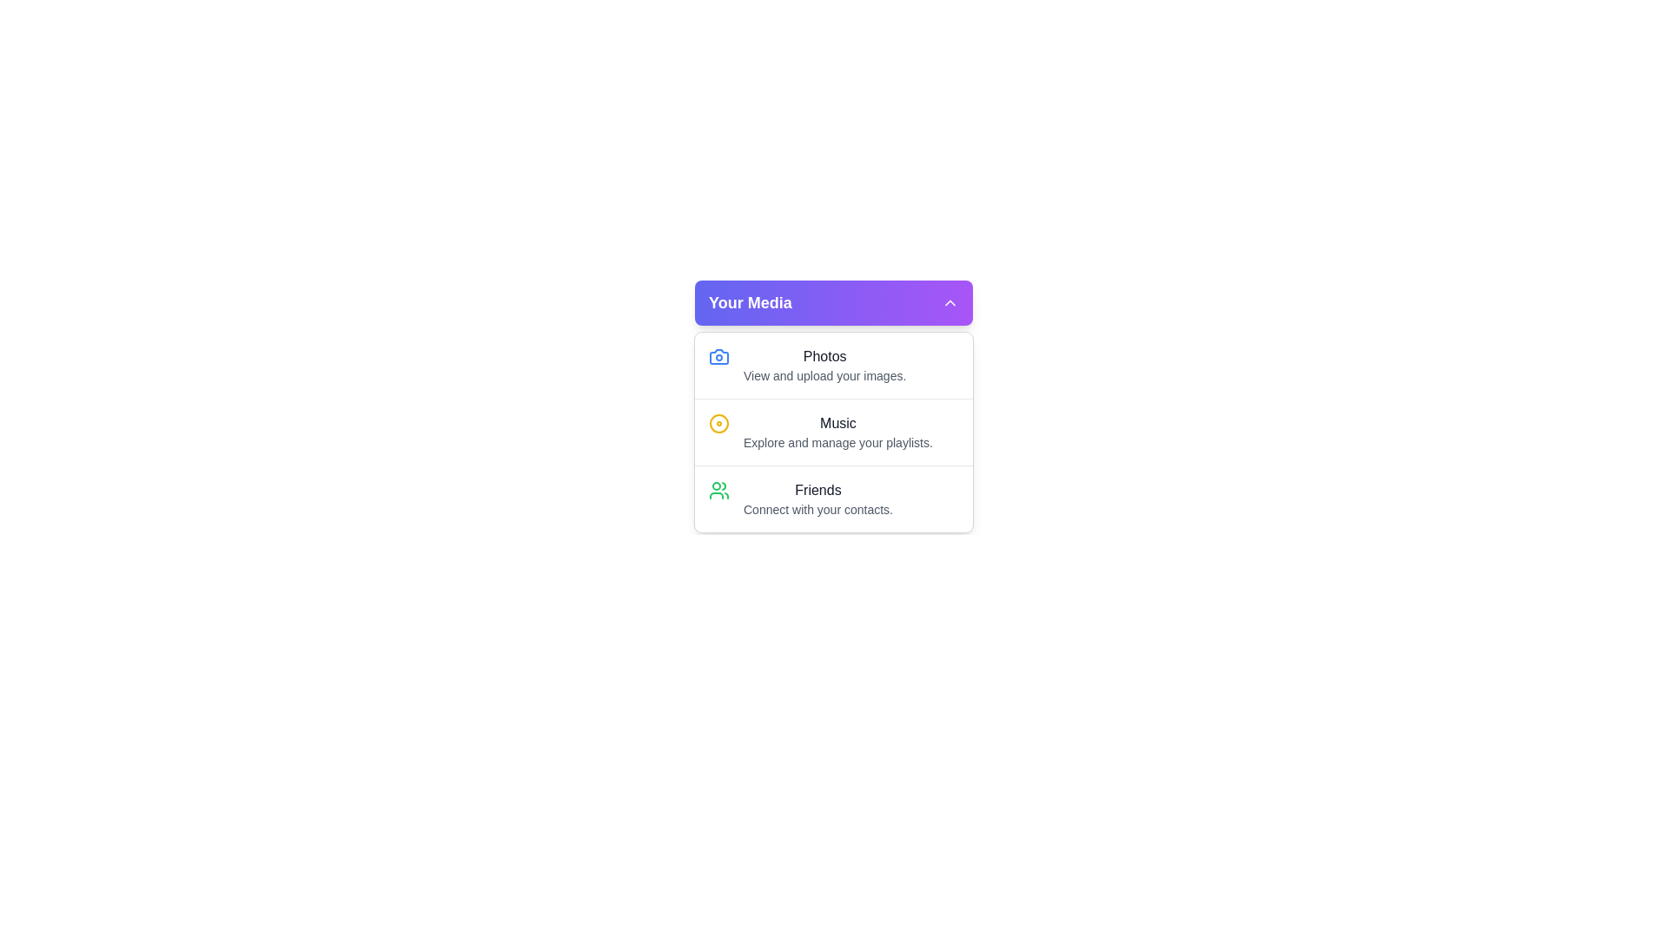  I want to click on the navigational button for accessing the Photos or image gallery section, which is the first option under the 'Your Media' header, so click(834, 364).